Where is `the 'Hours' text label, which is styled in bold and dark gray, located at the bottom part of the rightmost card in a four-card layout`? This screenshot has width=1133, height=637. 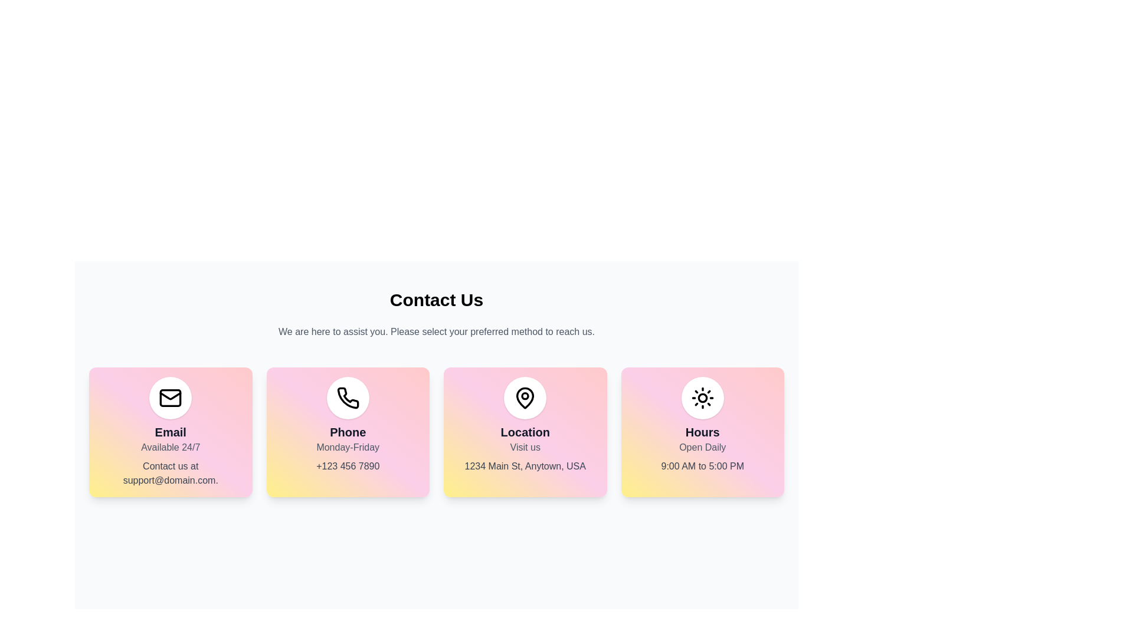
the 'Hours' text label, which is styled in bold and dark gray, located at the bottom part of the rightmost card in a four-card layout is located at coordinates (702, 432).